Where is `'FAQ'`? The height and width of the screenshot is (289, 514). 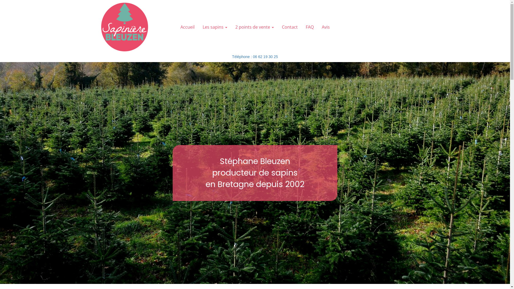 'FAQ' is located at coordinates (309, 27).